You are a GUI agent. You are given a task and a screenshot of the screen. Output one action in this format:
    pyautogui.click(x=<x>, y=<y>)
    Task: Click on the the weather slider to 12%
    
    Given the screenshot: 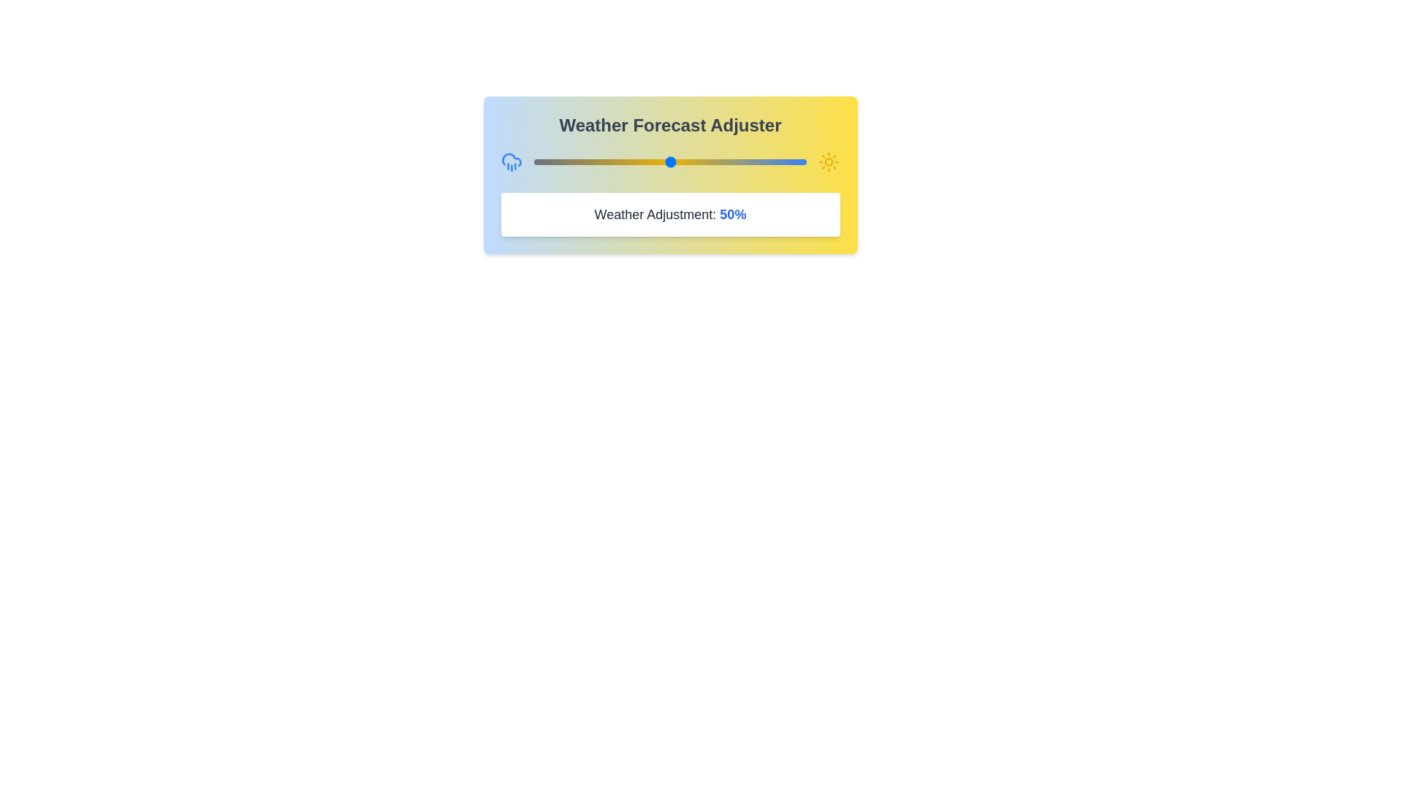 What is the action you would take?
    pyautogui.click(x=566, y=162)
    